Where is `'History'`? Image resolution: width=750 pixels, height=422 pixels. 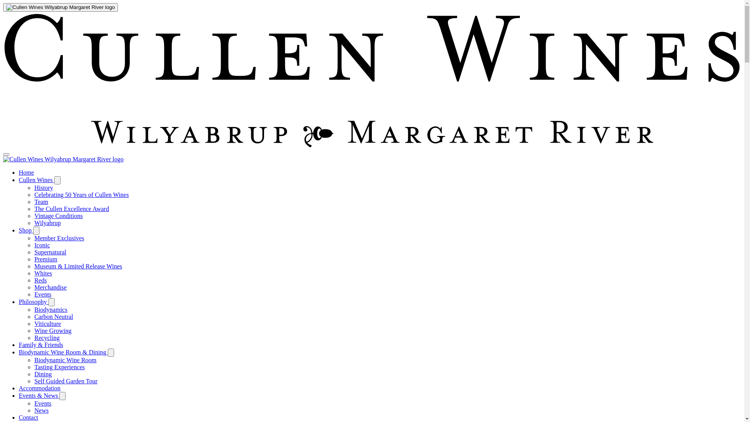
'History' is located at coordinates (43, 188).